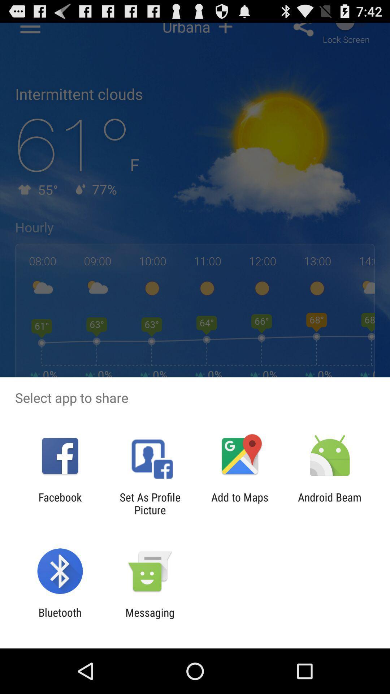  What do you see at coordinates (330, 503) in the screenshot?
I see `the item next to add to maps icon` at bounding box center [330, 503].